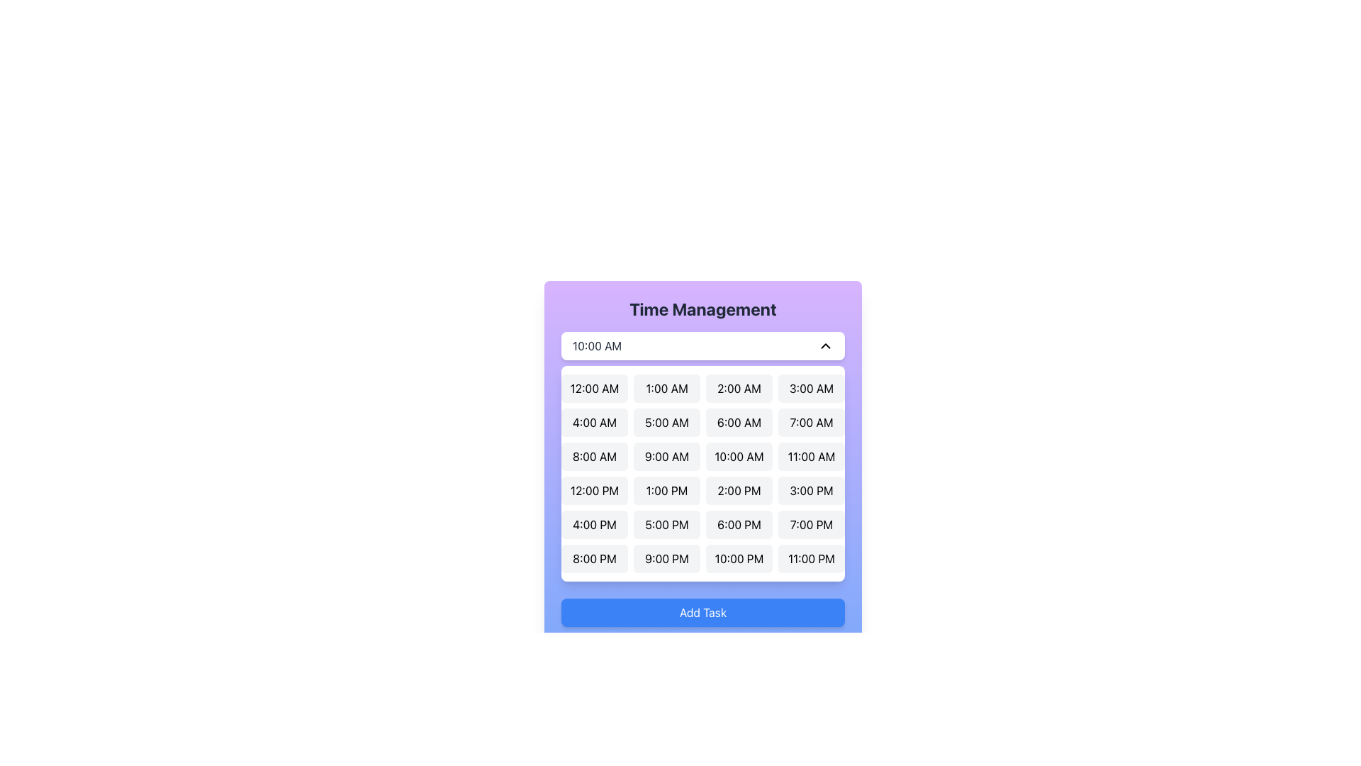 Image resolution: width=1361 pixels, height=766 pixels. What do you see at coordinates (595, 388) in the screenshot?
I see `the top-left time selection button labeled '12:00 AM' in the grid layout of the Time Management popover` at bounding box center [595, 388].